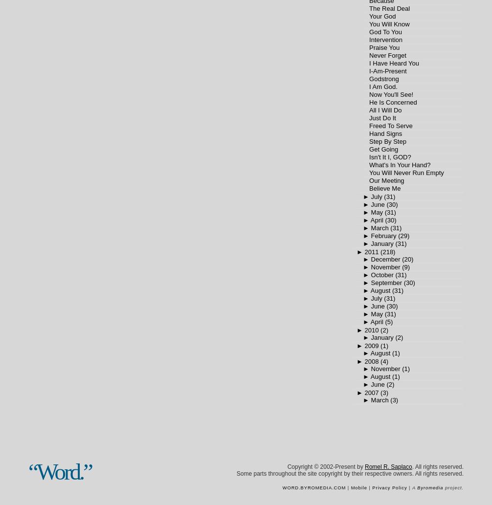 The image size is (492, 505). What do you see at coordinates (359, 466) in the screenshot?
I see `'by'` at bounding box center [359, 466].